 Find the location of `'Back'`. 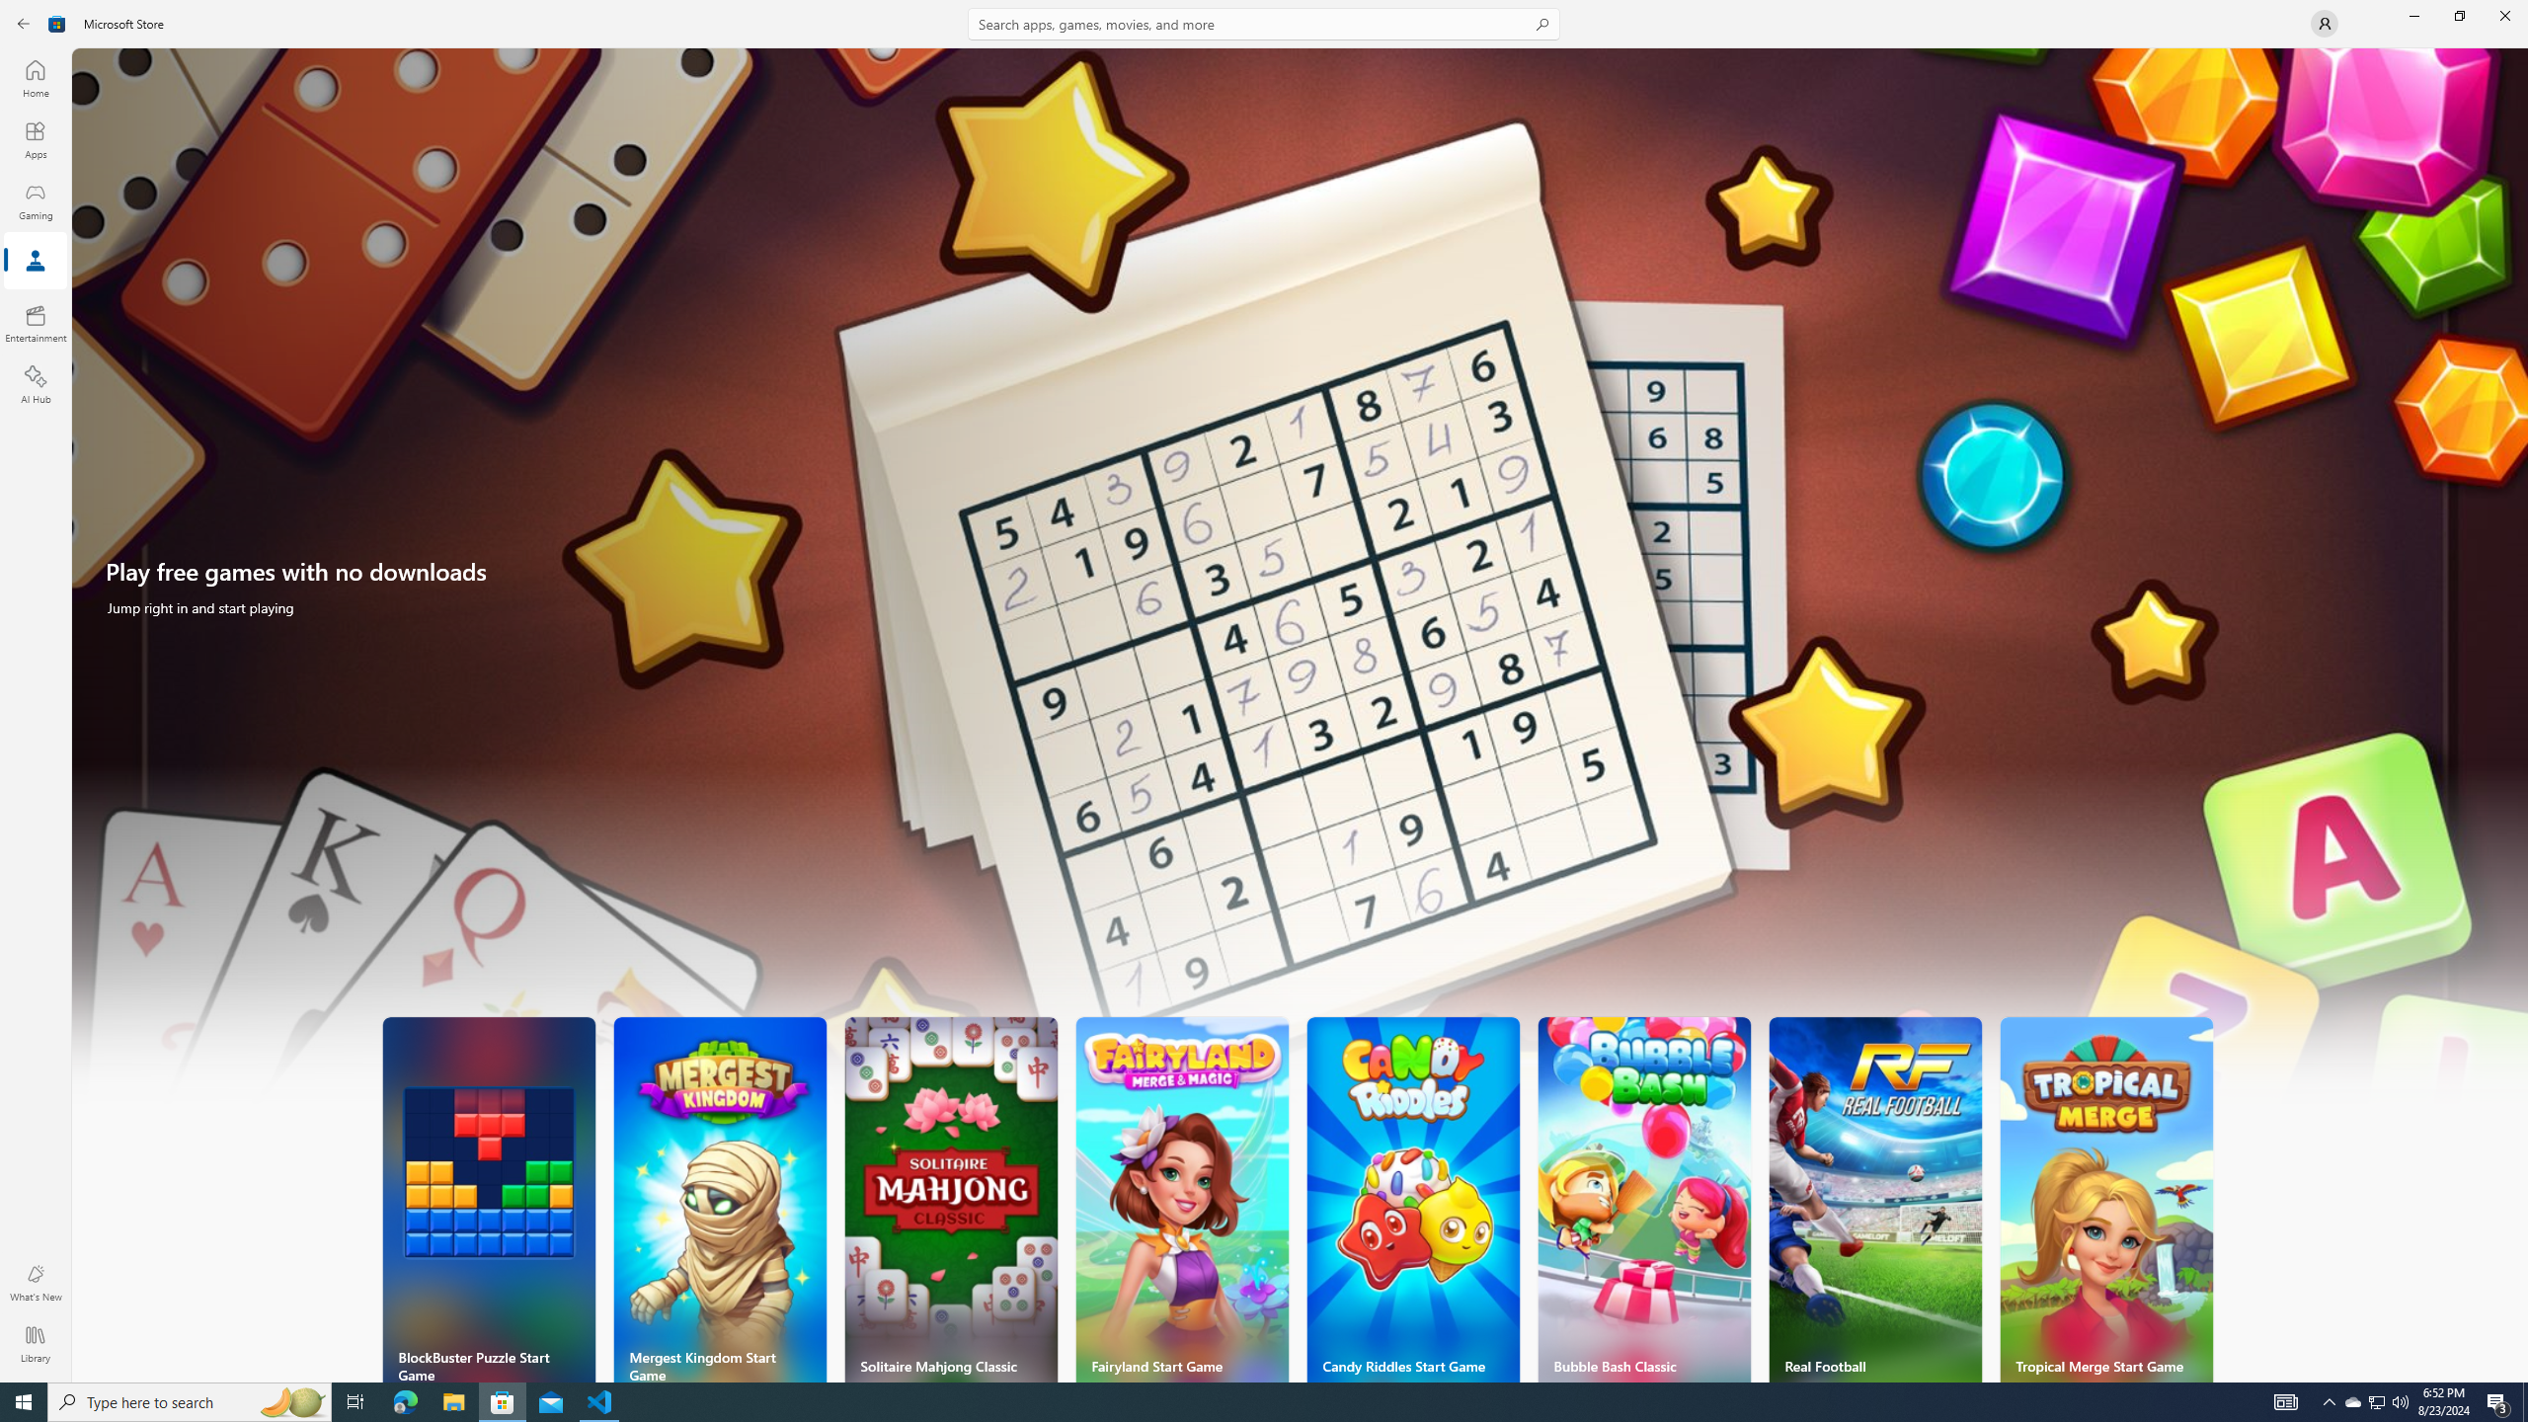

'Back' is located at coordinates (24, 22).